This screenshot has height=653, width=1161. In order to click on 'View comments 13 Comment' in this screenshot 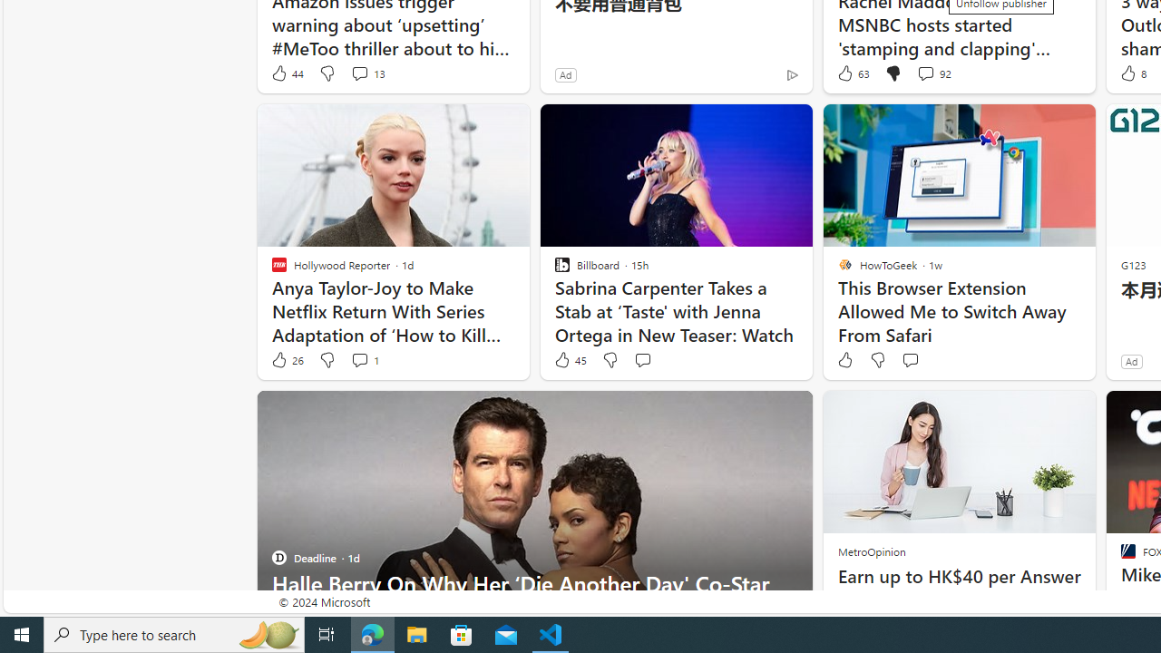, I will do `click(366, 73)`.